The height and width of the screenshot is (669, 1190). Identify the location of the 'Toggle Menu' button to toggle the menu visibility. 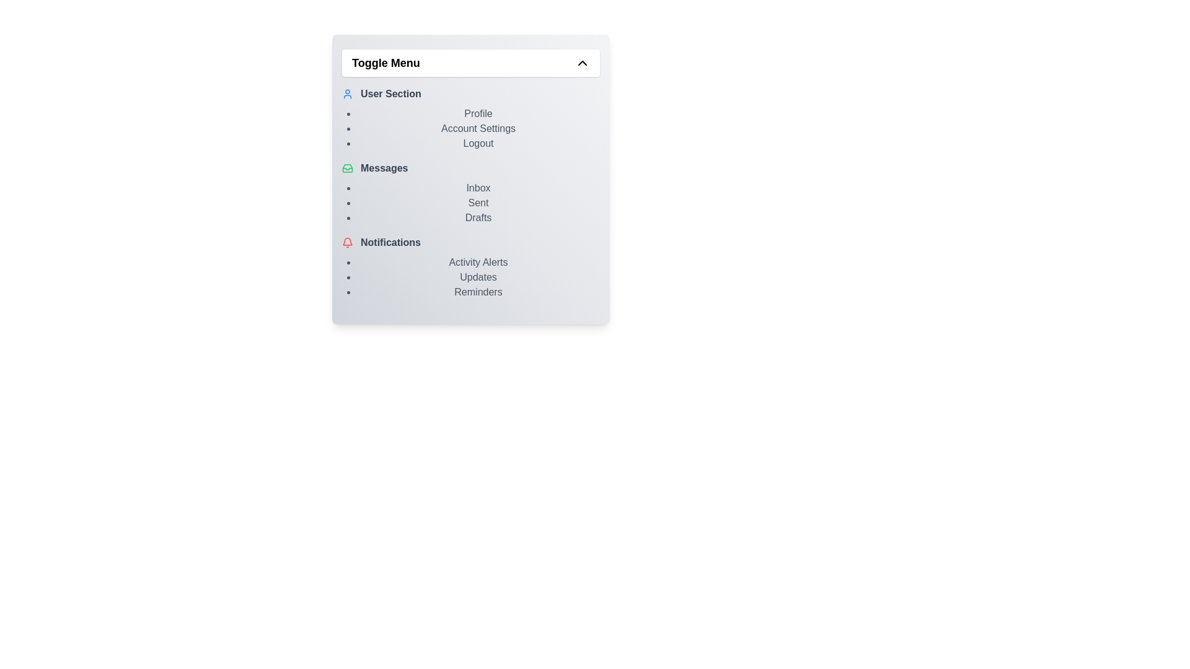
(470, 63).